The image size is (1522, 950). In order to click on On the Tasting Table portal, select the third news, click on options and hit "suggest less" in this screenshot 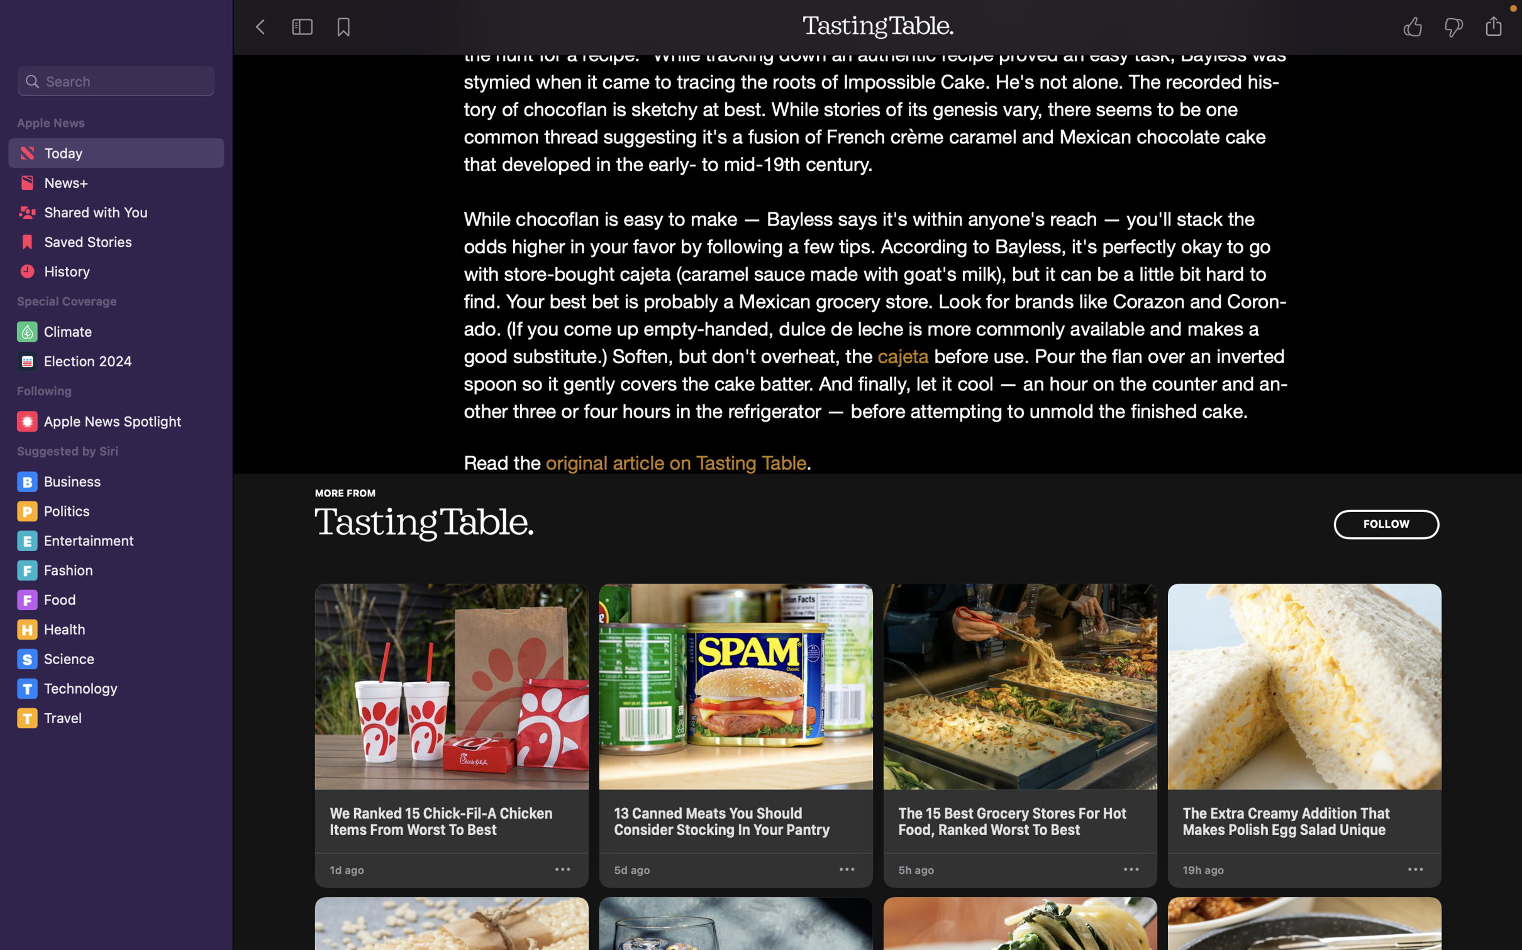, I will do `click(1130, 870)`.